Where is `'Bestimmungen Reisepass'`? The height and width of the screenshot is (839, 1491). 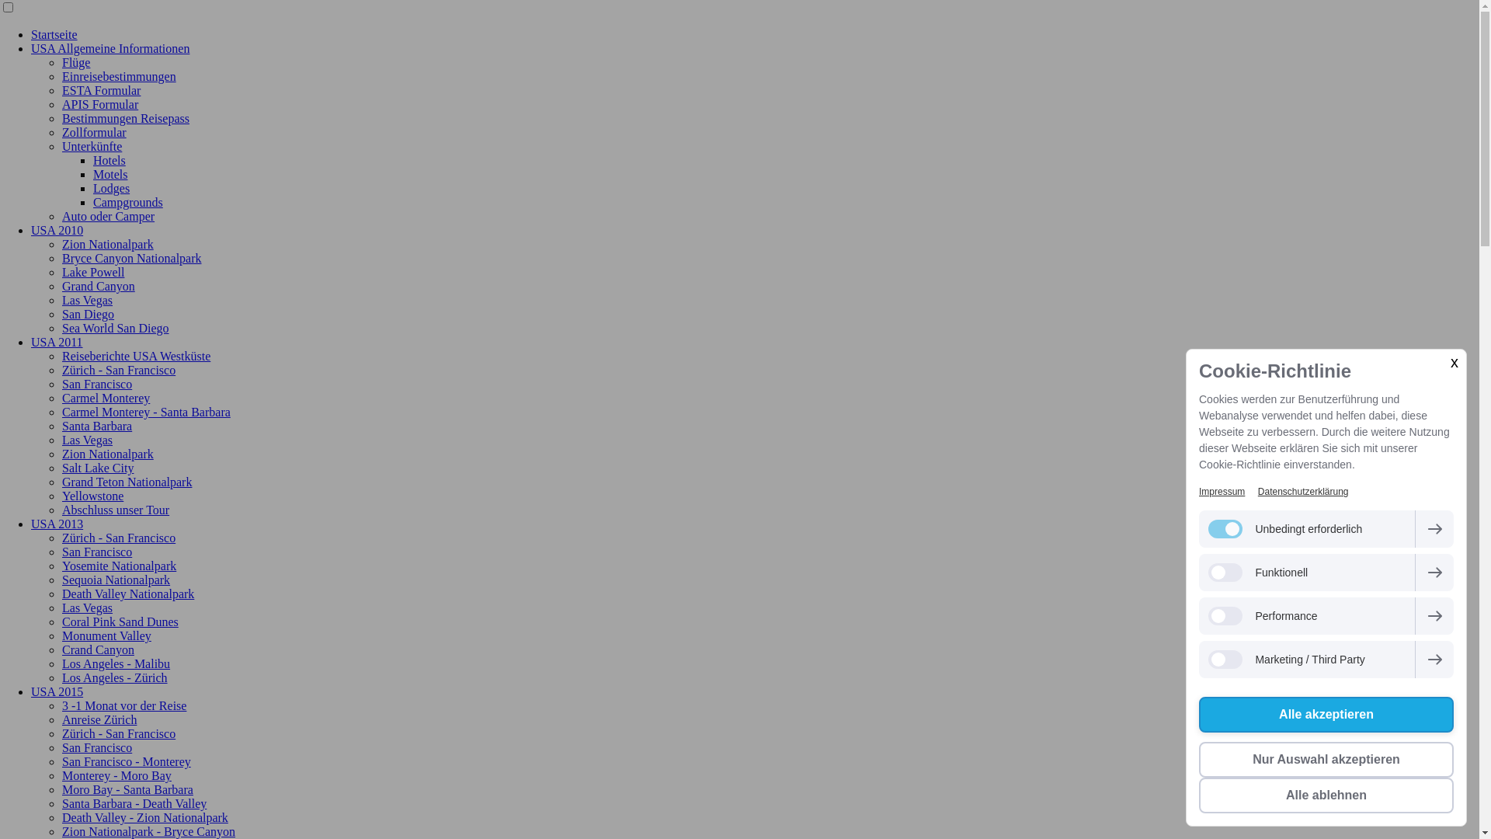 'Bestimmungen Reisepass' is located at coordinates (126, 117).